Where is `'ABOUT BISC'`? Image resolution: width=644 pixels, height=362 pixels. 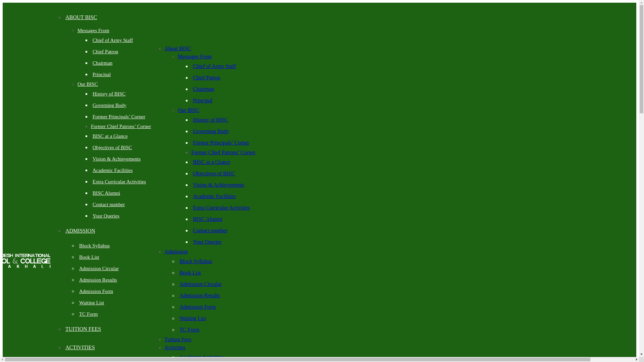
'ABOUT BISC' is located at coordinates (80, 17).